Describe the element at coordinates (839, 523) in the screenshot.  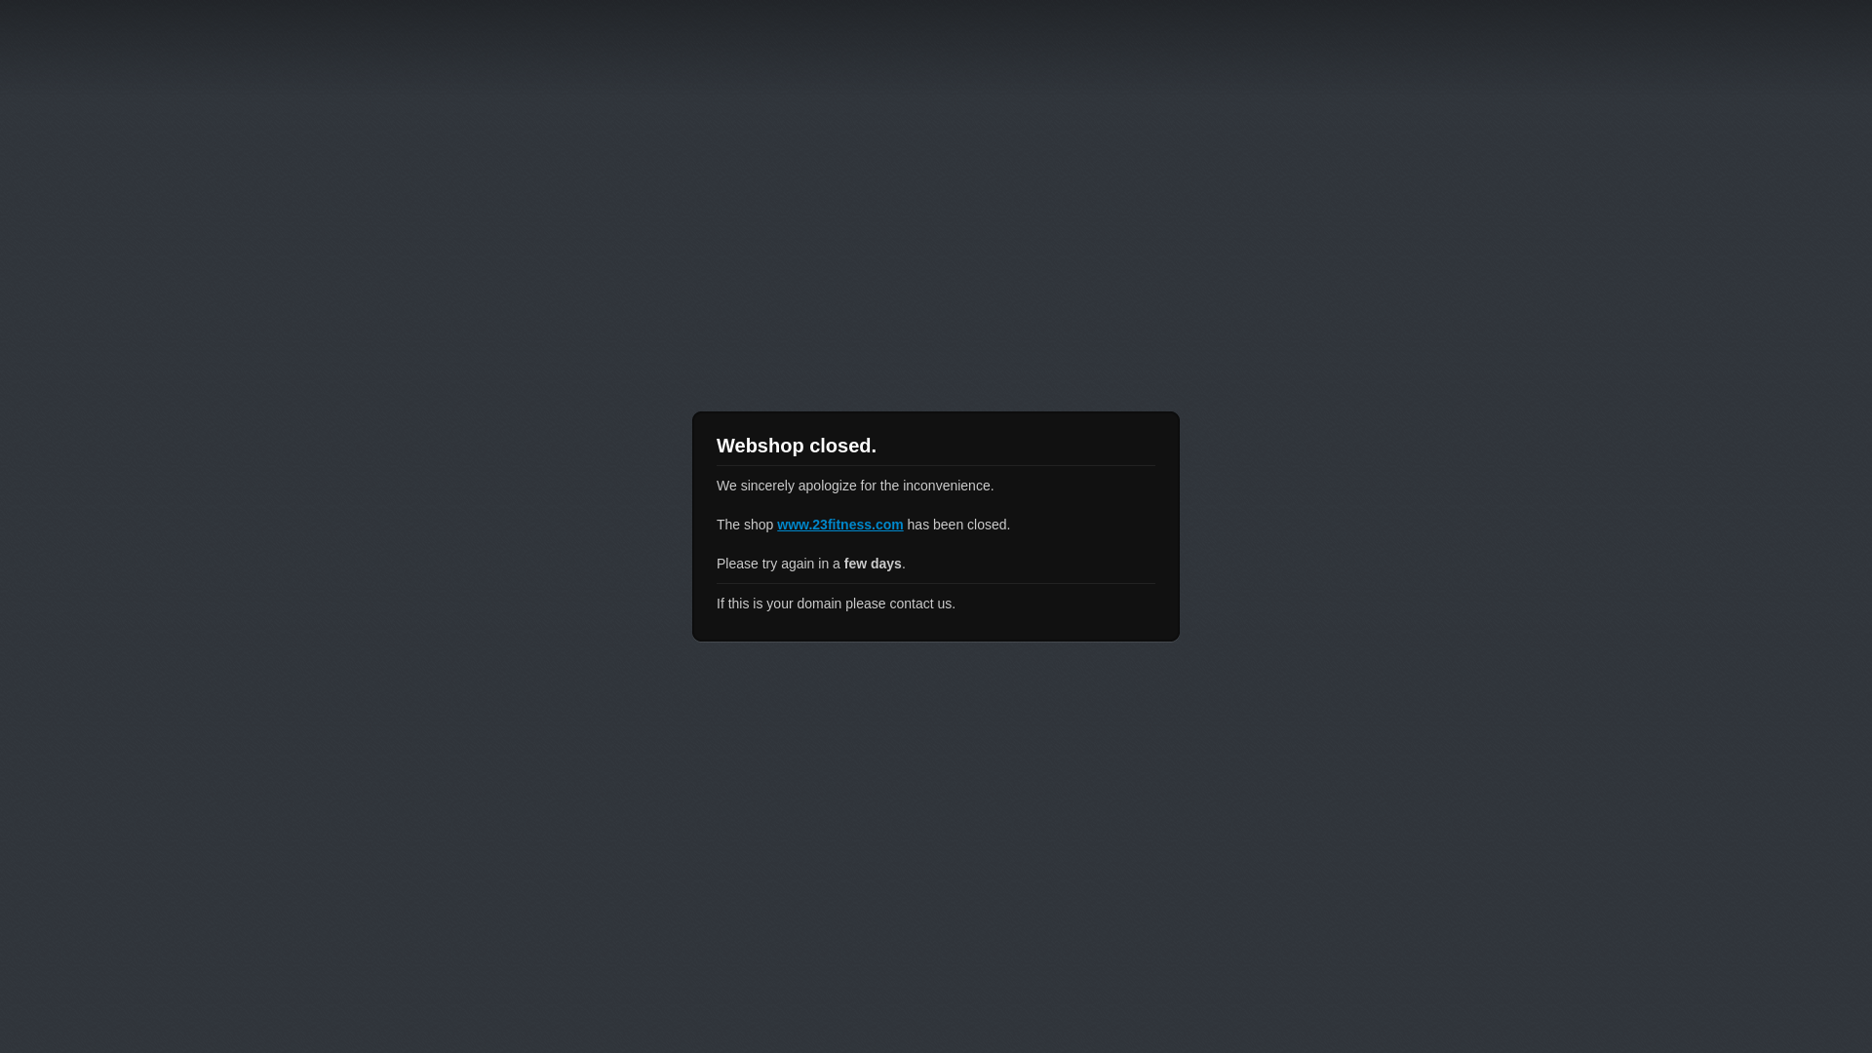
I see `'www.23fitness.com'` at that location.